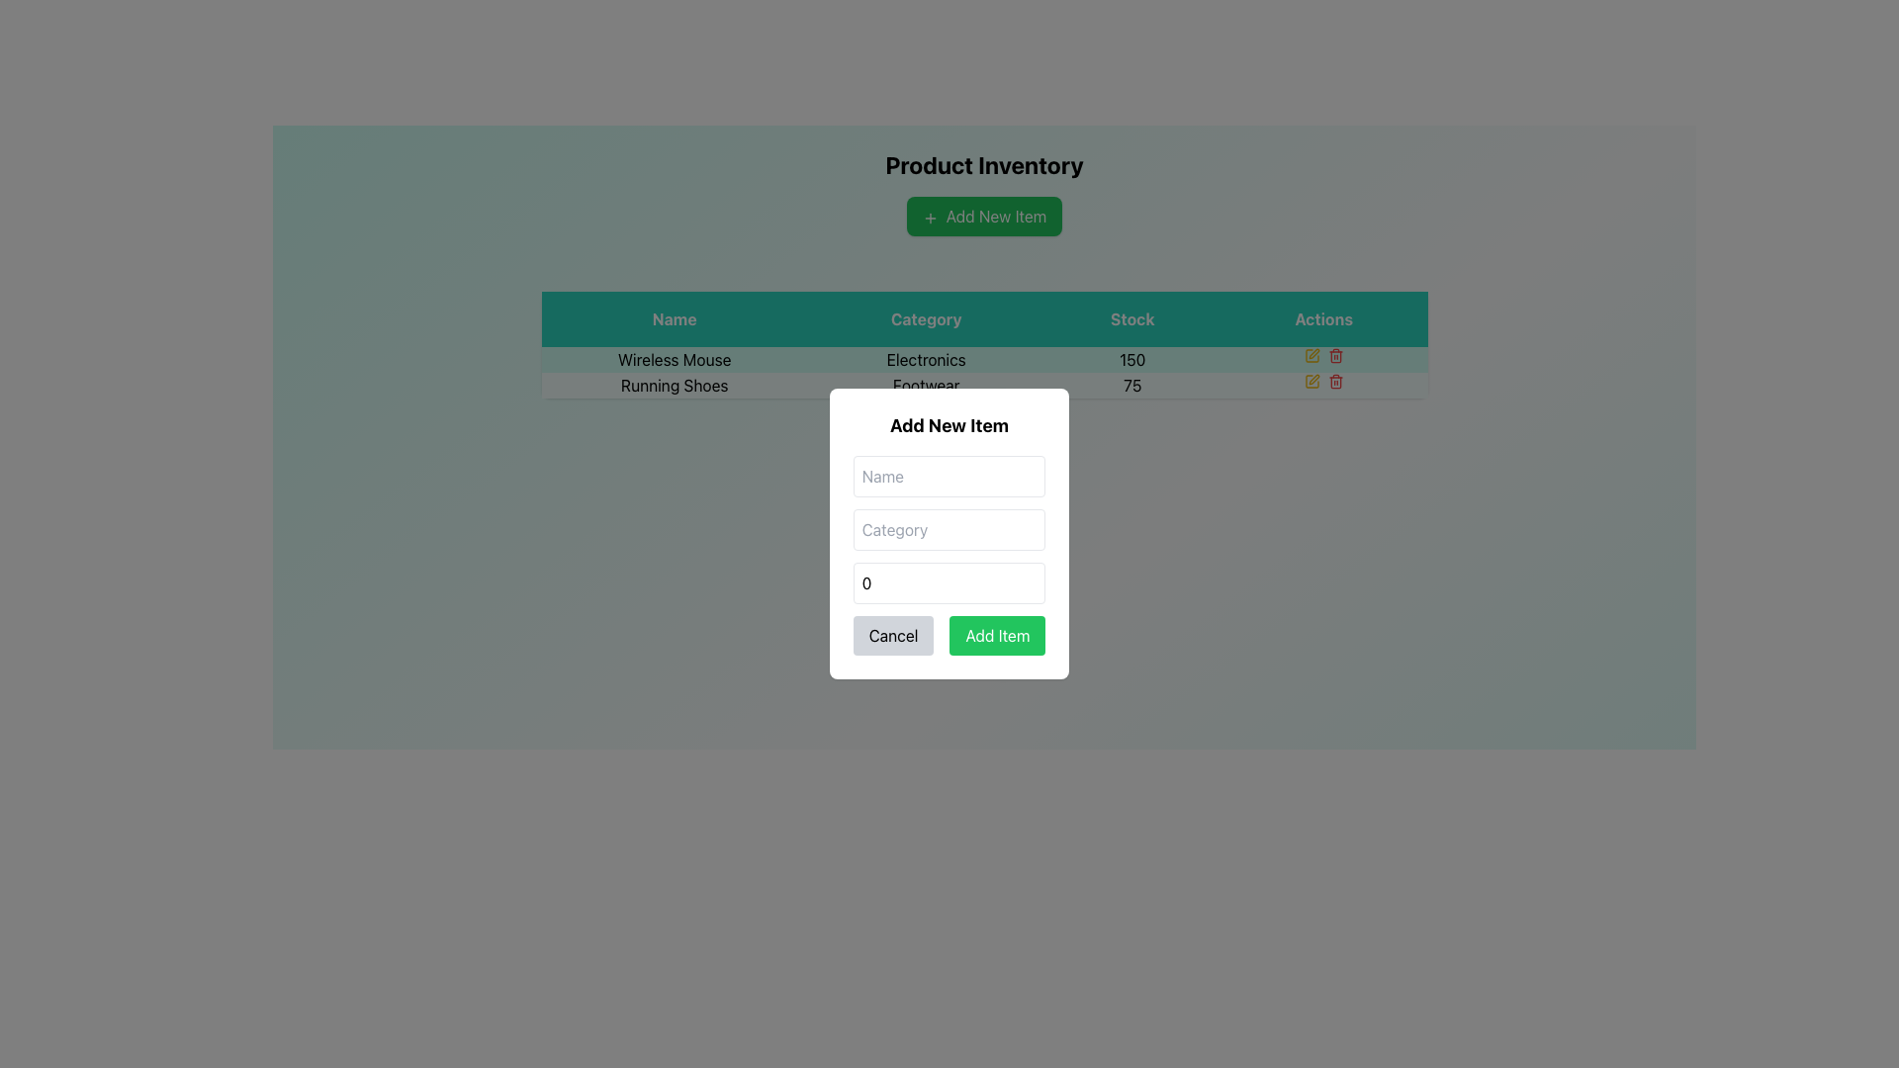 The image size is (1899, 1068). I want to click on the 'Running Shoes' label, which is the first textual entry in the second row of the table under the 'Name' column, located directly below 'Wireless Mouse', so click(675, 385).